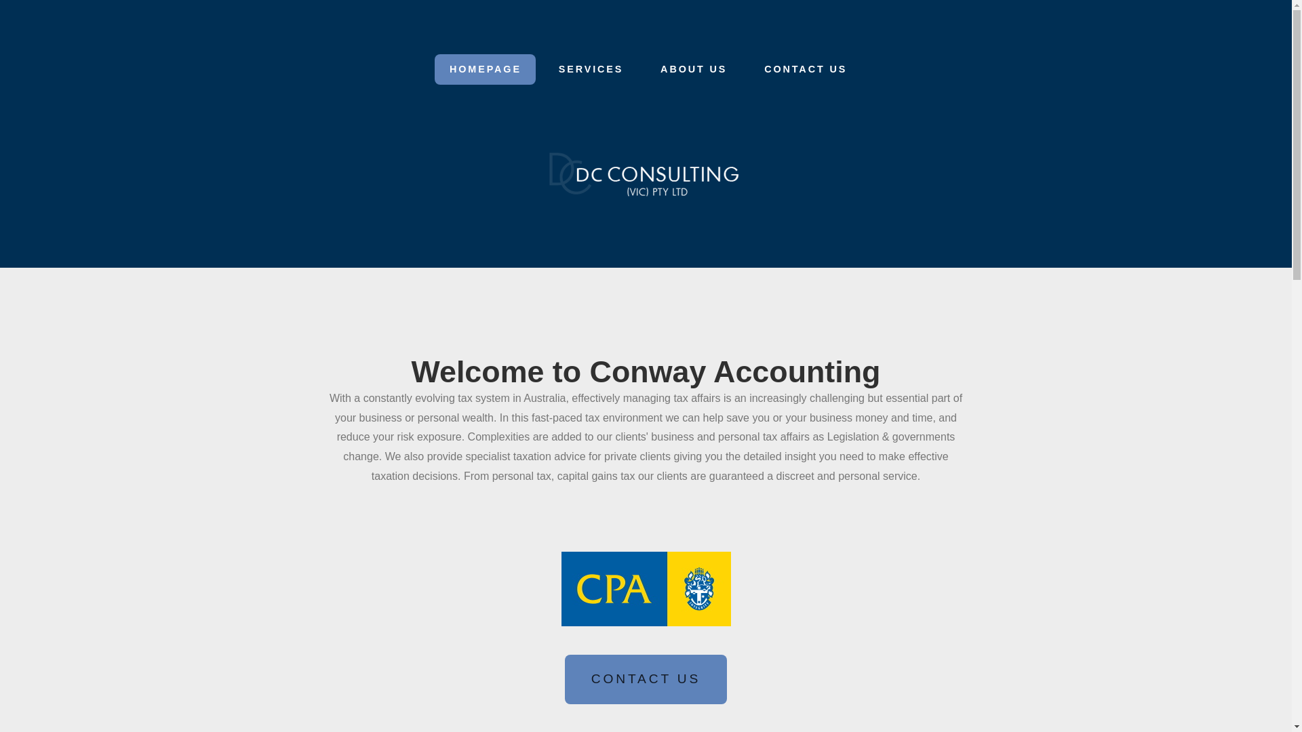  Describe the element at coordinates (694, 69) in the screenshot. I see `'ABOUT US'` at that location.